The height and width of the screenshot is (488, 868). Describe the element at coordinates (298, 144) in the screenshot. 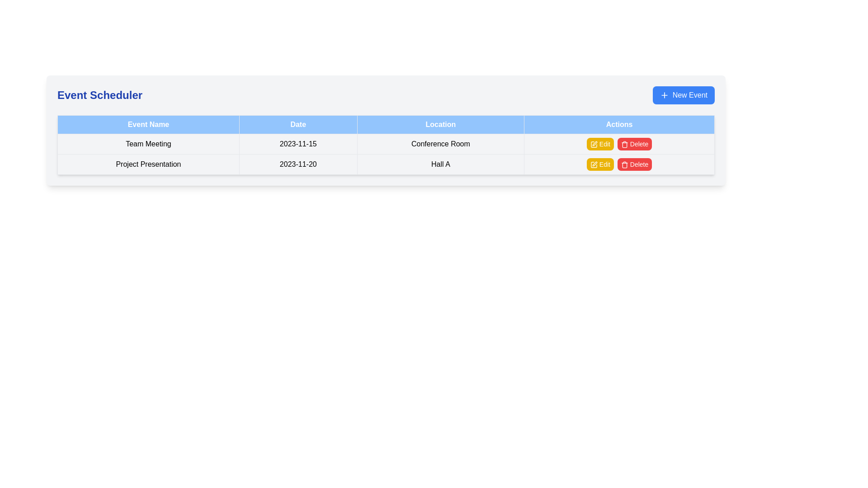

I see `the date text element located in the second column of the first row of the table, under the 'Date' header` at that location.